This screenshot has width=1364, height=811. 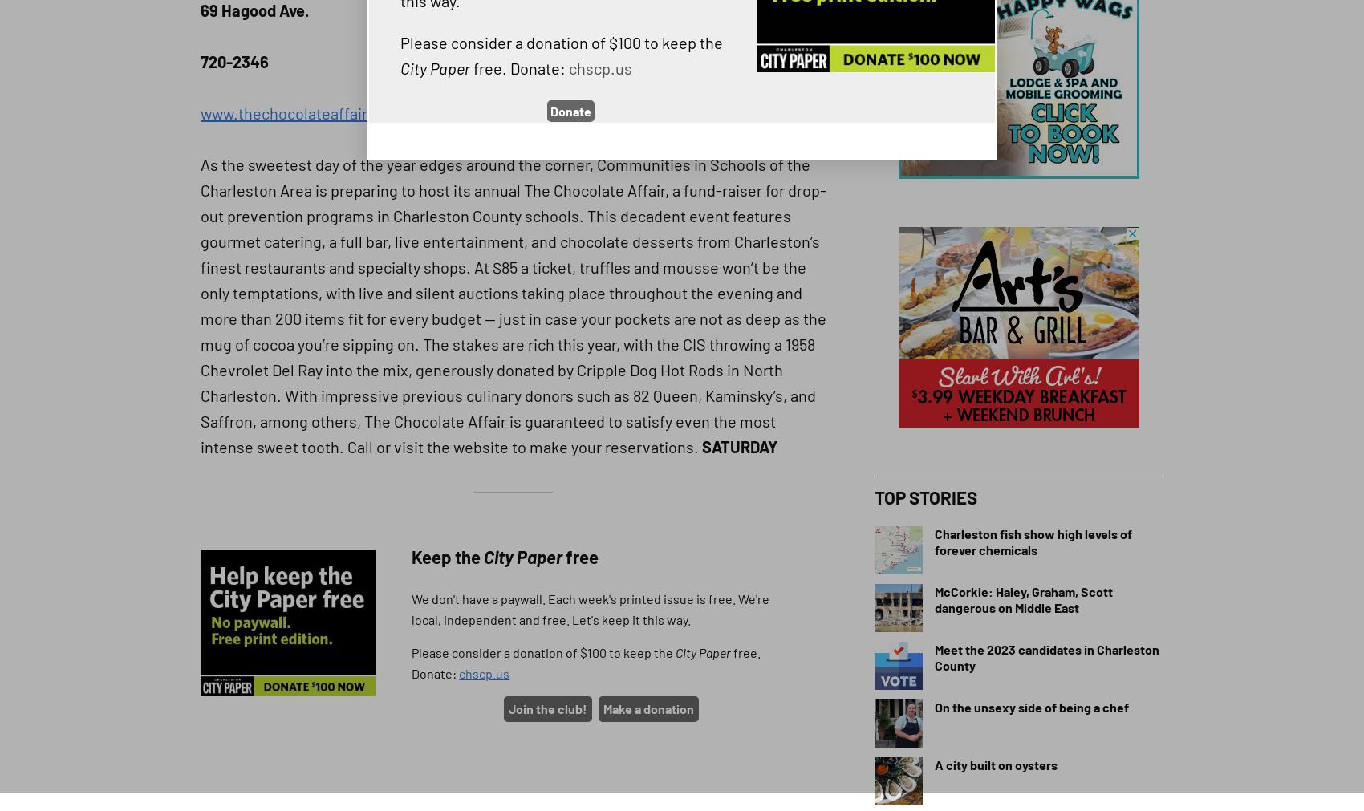 What do you see at coordinates (254, 9) in the screenshot?
I see `'69 Hagood Ave.'` at bounding box center [254, 9].